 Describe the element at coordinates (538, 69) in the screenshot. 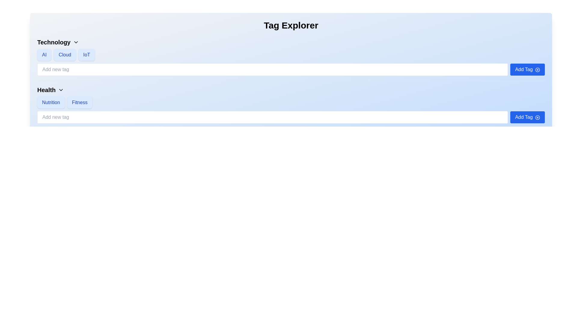

I see `the 'Add Tag' icon located on the right side of the text input field in the Technology group` at that location.